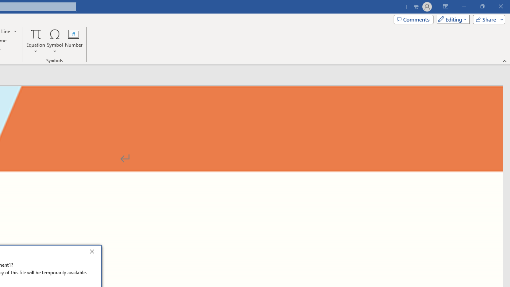  I want to click on 'Equation', so click(35, 41).